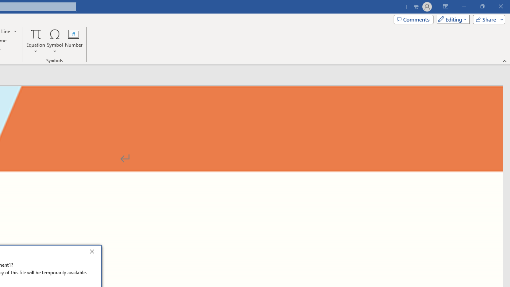  I want to click on 'Equation', so click(35, 41).